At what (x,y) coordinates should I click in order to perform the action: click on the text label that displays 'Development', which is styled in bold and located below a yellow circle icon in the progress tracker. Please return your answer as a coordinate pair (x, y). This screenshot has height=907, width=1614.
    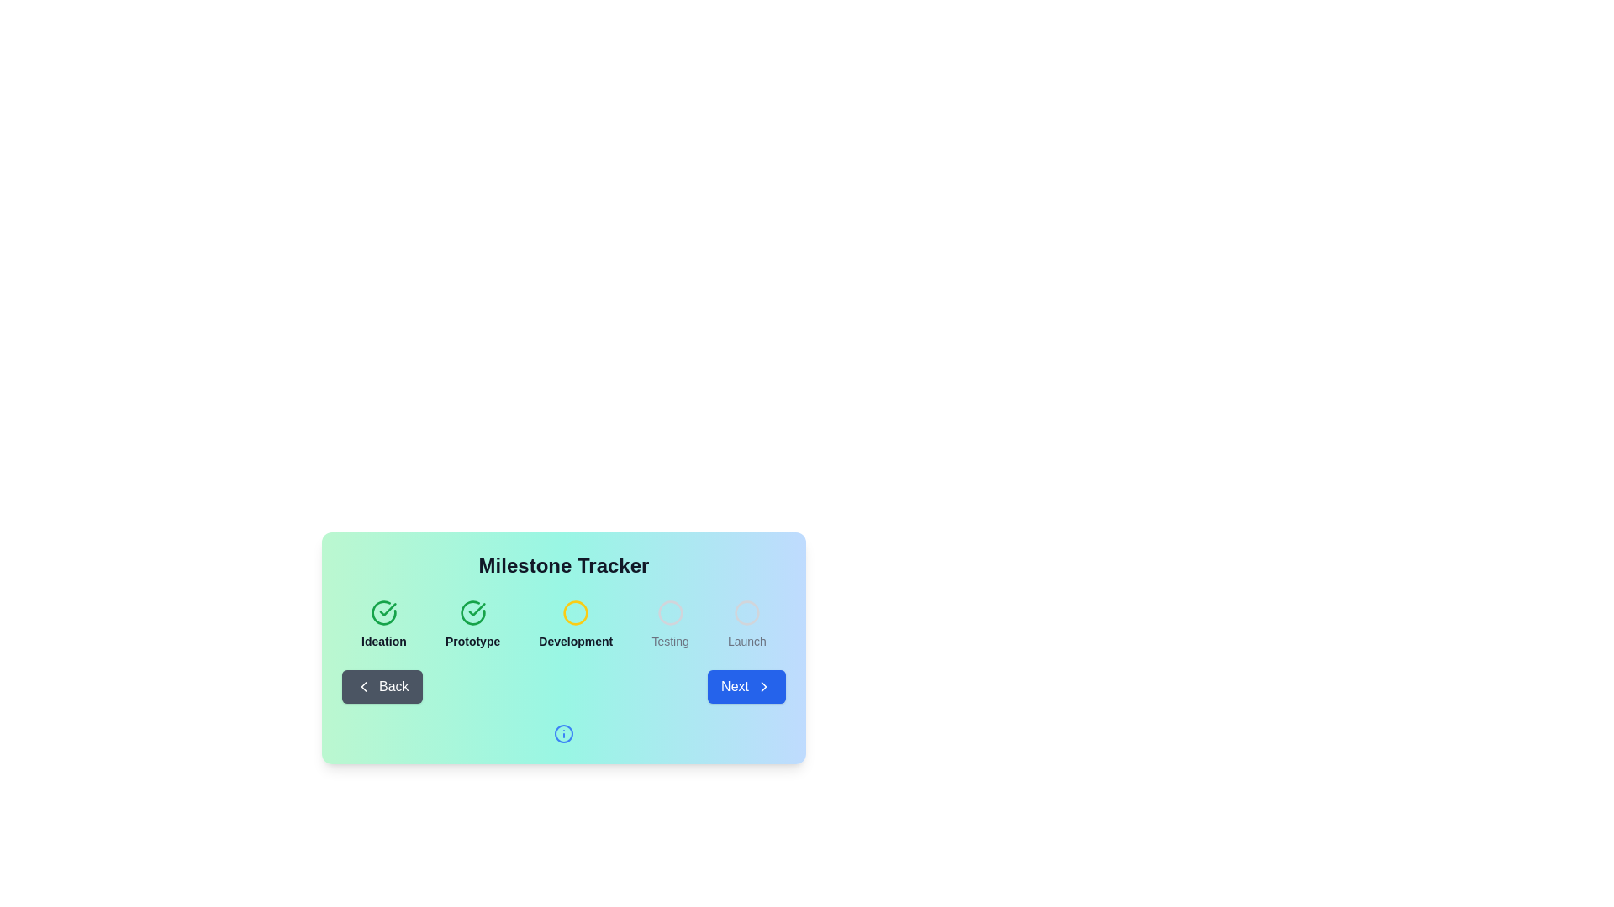
    Looking at the image, I should click on (576, 641).